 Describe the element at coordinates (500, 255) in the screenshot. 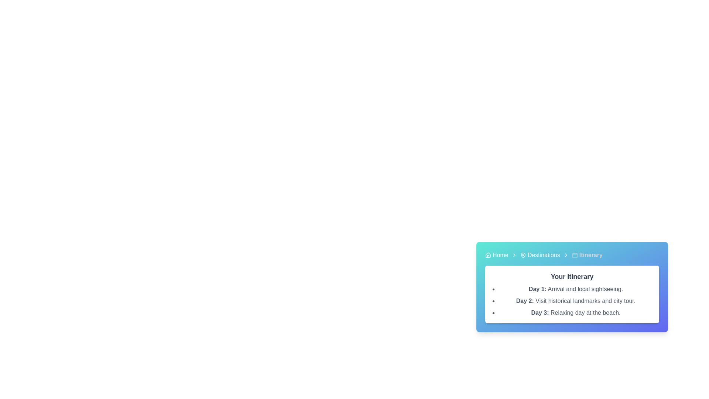

I see `the 'Home' hyperlink in the breadcrumb navigation` at that location.